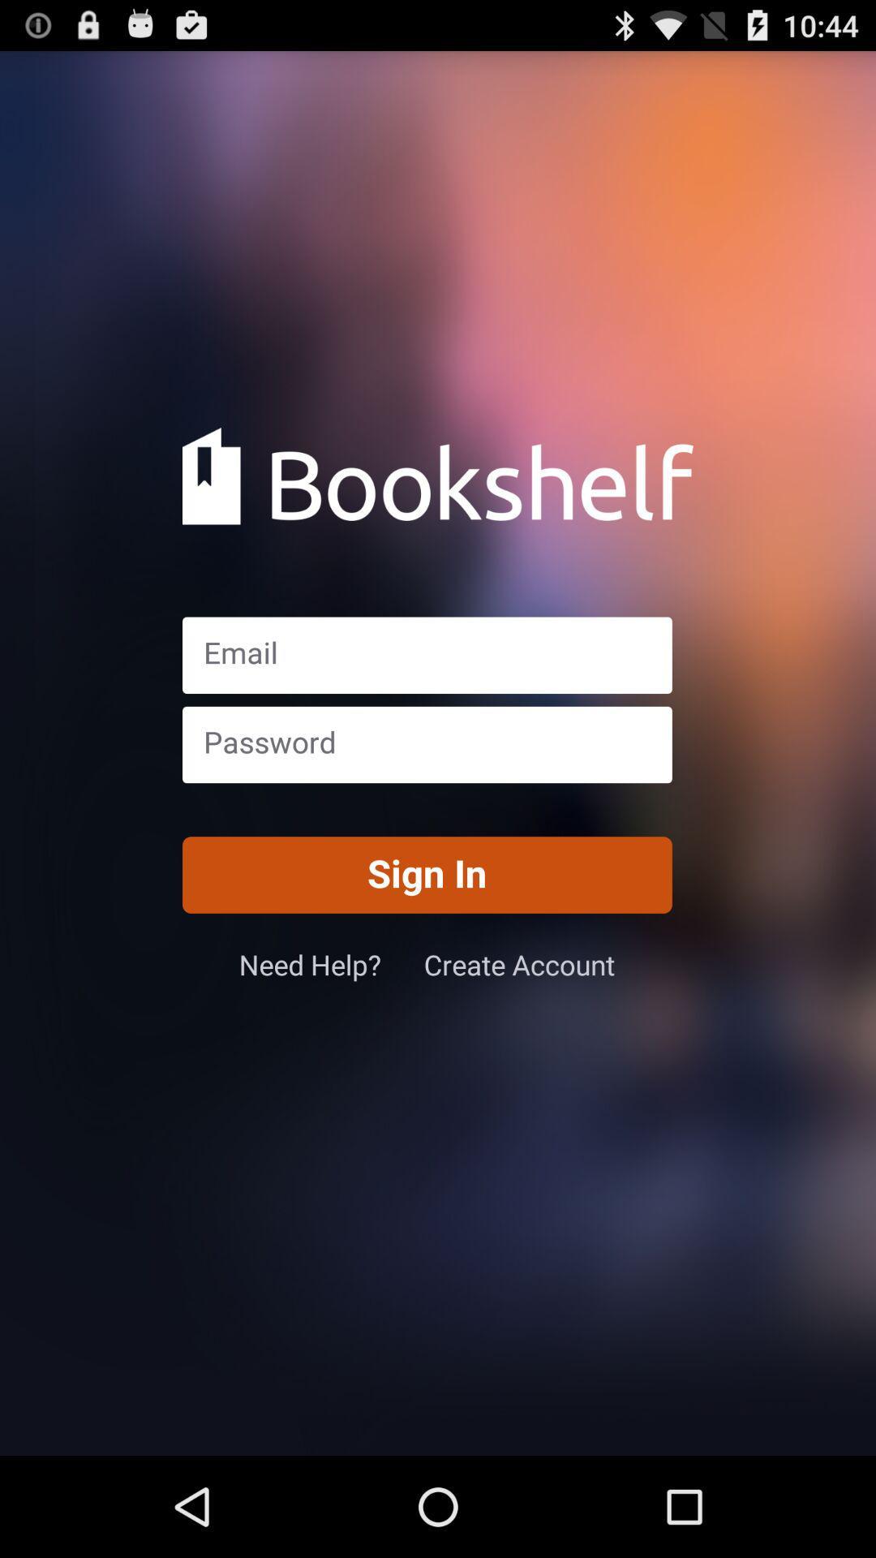  I want to click on password, so click(426, 743).